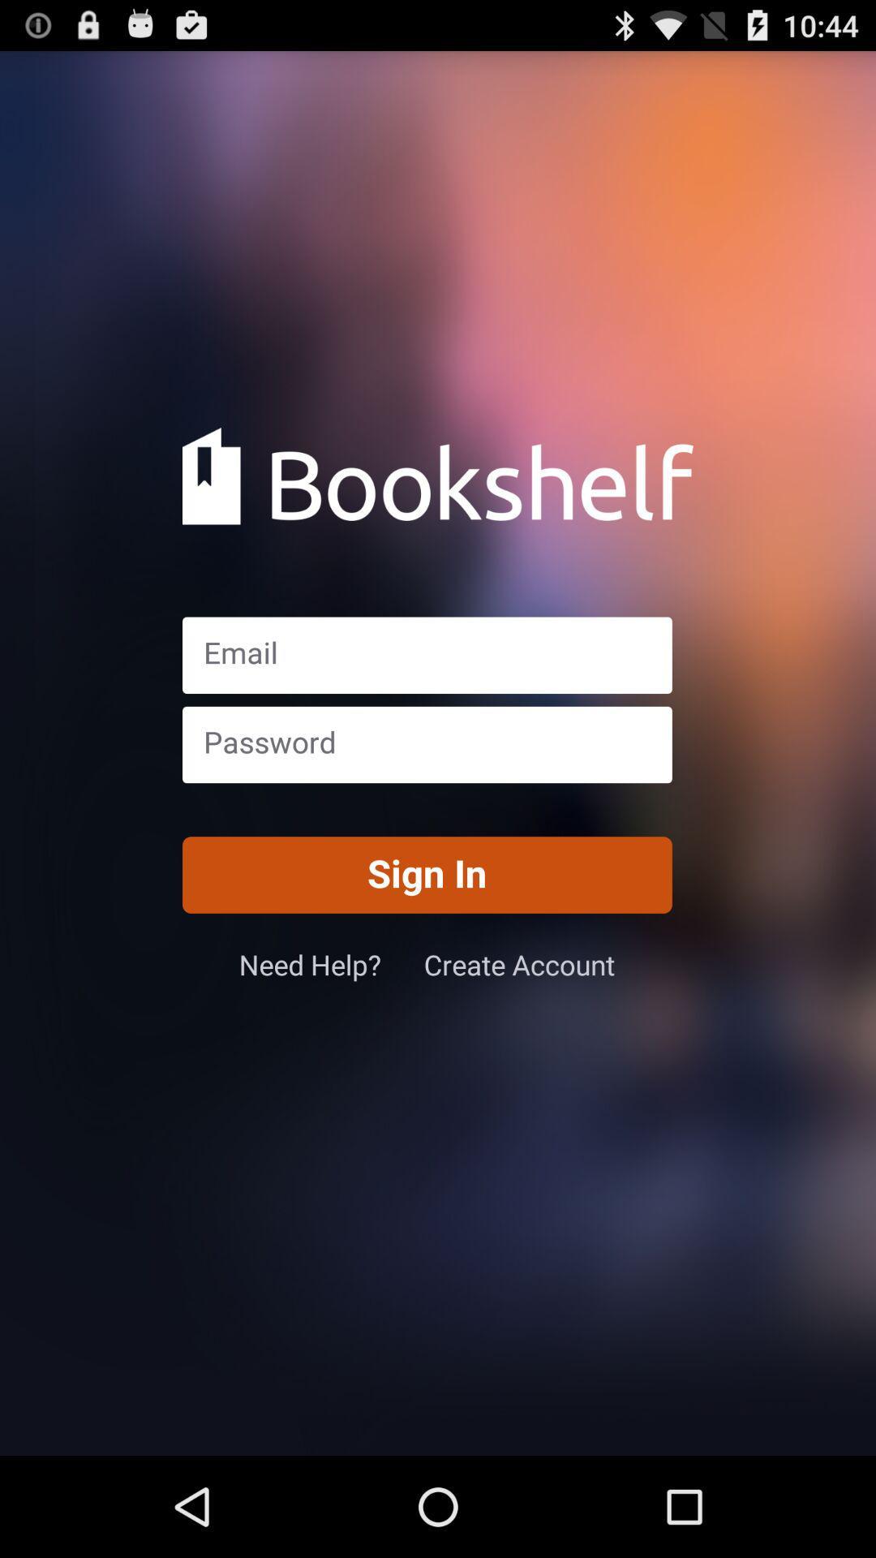  I want to click on password, so click(426, 743).